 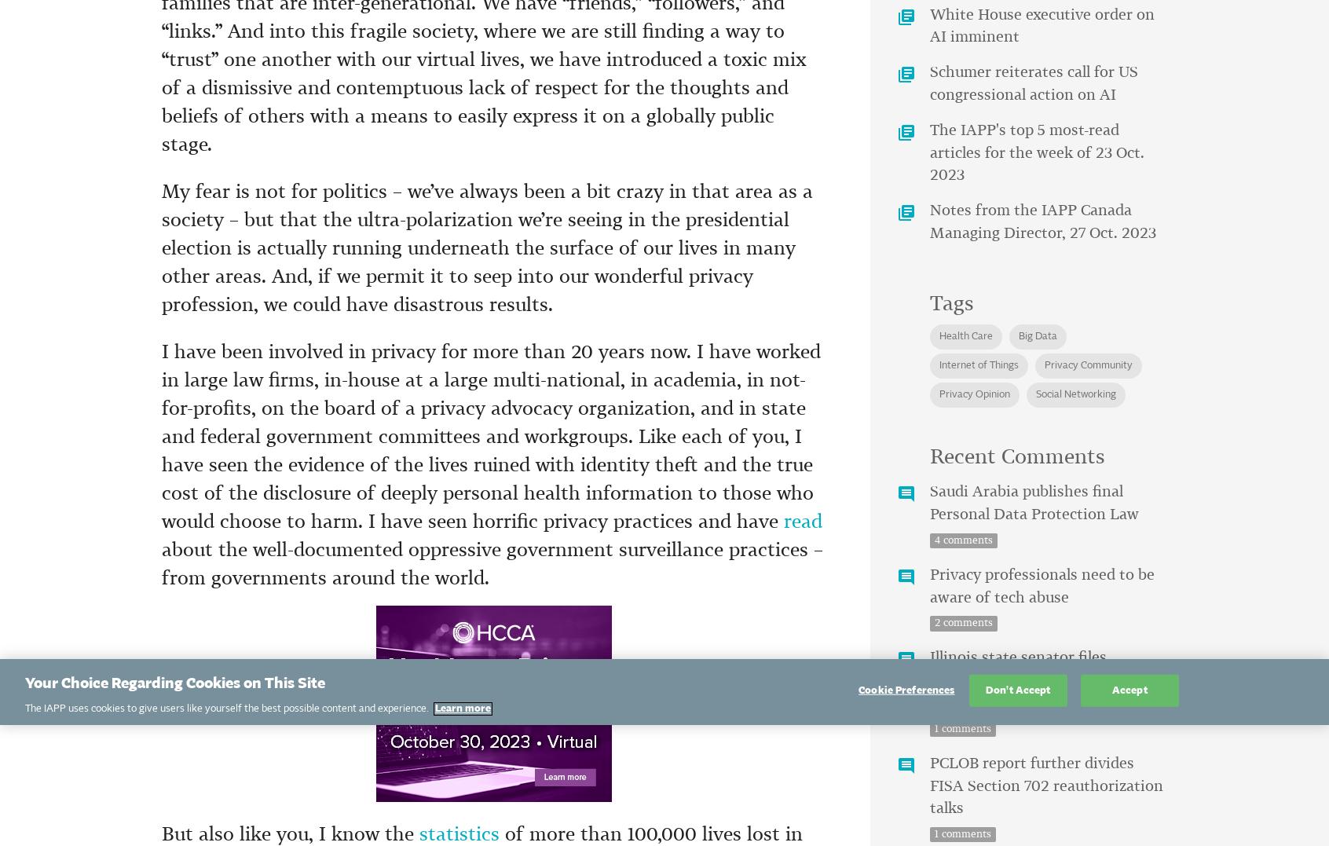 What do you see at coordinates (935, 623) in the screenshot?
I see `'2'` at bounding box center [935, 623].